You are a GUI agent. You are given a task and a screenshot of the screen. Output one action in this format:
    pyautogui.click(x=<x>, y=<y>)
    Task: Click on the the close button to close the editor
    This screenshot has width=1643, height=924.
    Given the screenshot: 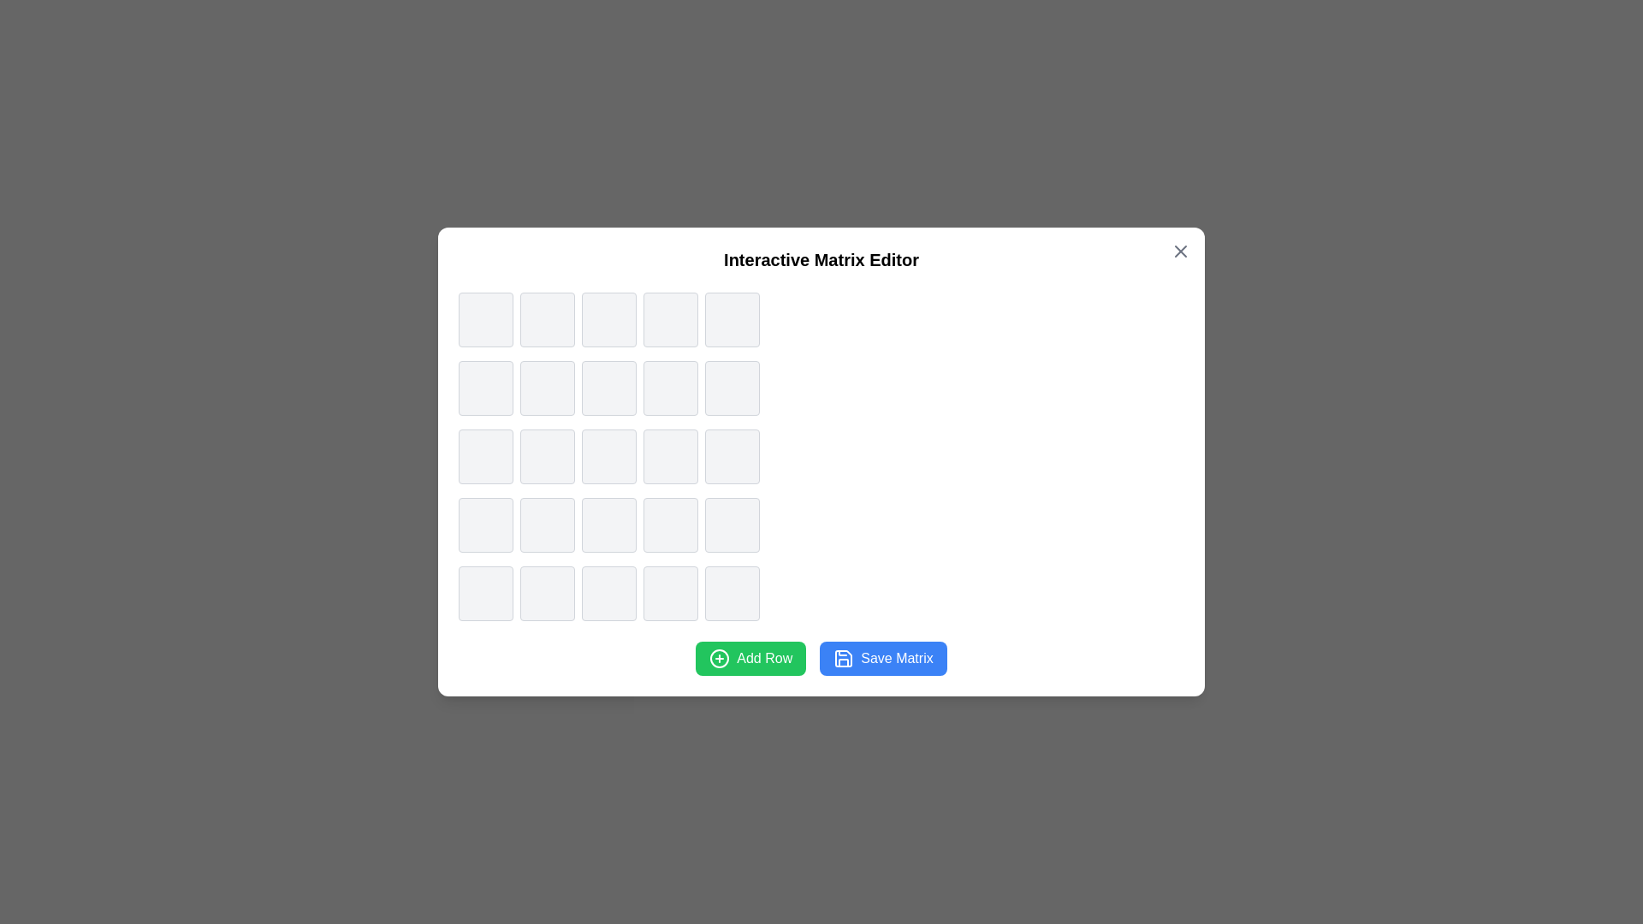 What is the action you would take?
    pyautogui.click(x=1180, y=251)
    